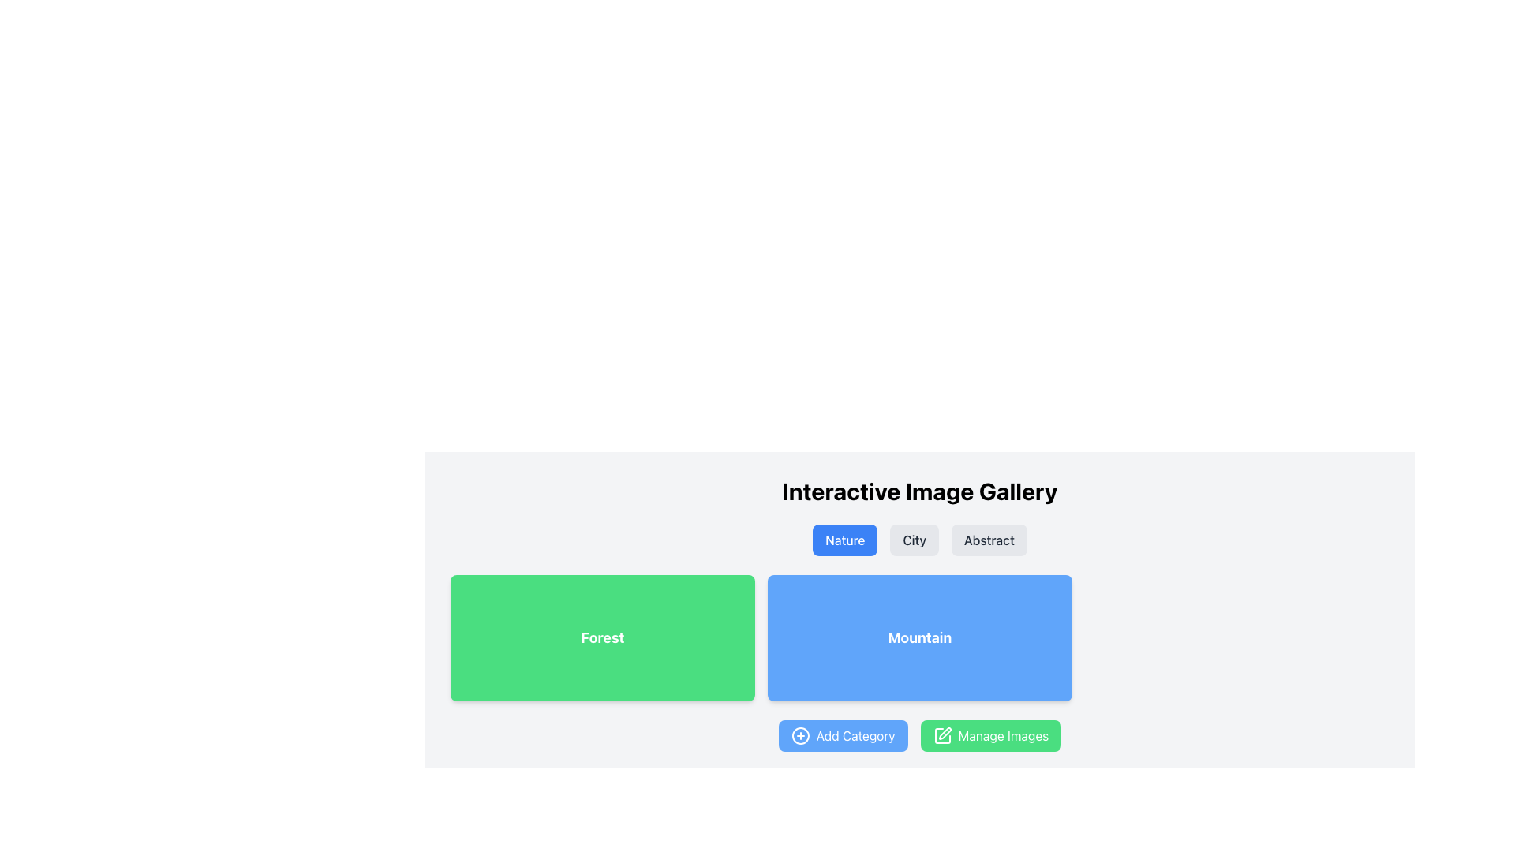  What do you see at coordinates (988, 540) in the screenshot?
I see `the 'Abstract' category button located to the right of the 'City' button and below the title 'Interactive Image Gallery'` at bounding box center [988, 540].